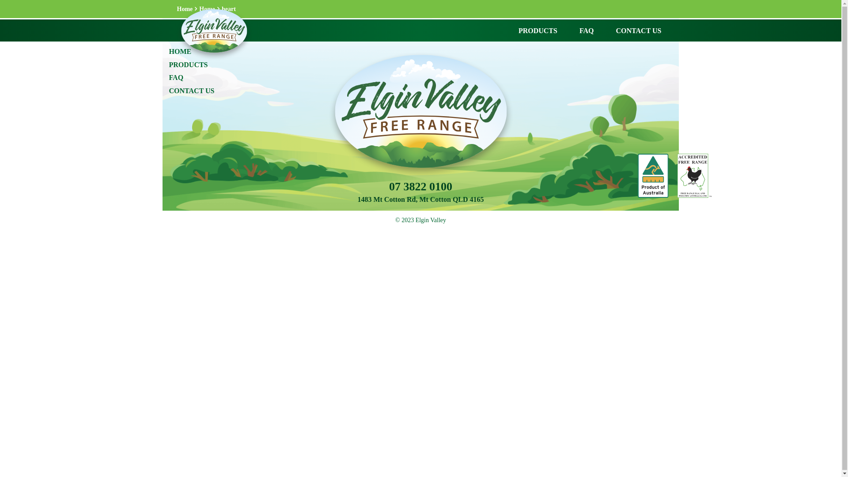 This screenshot has width=848, height=477. I want to click on 'HOME', so click(179, 51).